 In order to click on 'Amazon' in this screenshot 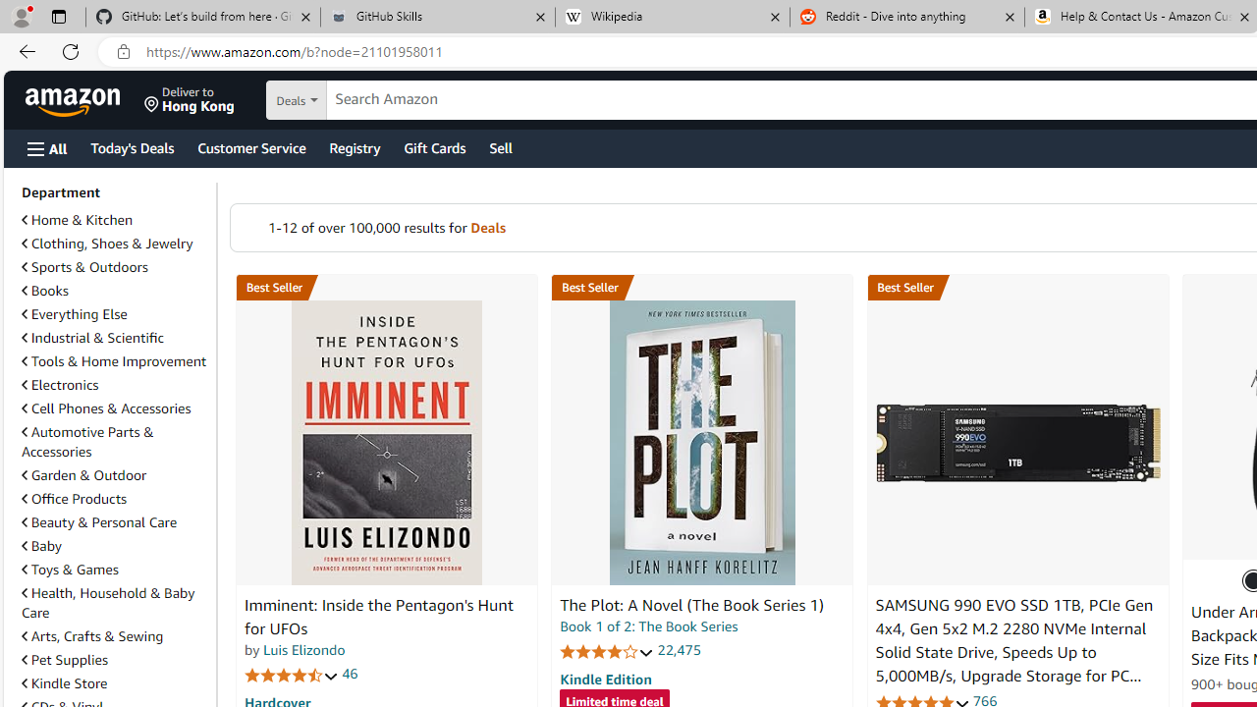, I will do `click(75, 99)`.